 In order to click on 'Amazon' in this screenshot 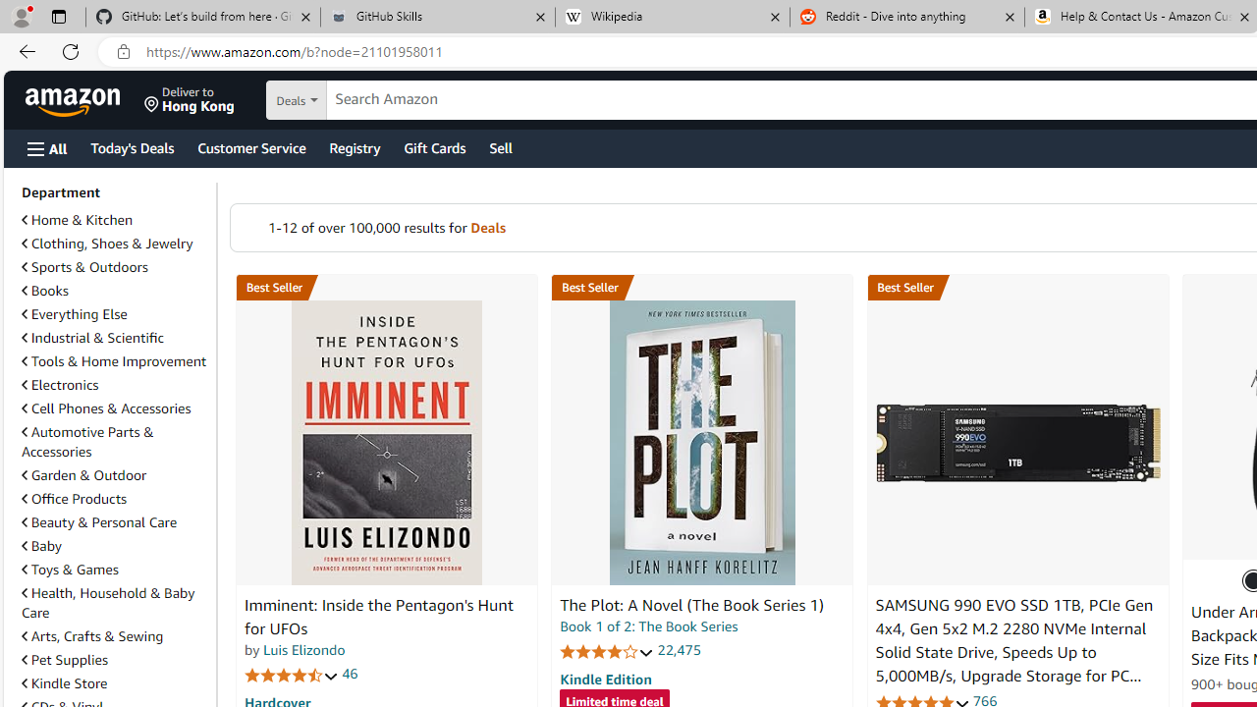, I will do `click(75, 99)`.